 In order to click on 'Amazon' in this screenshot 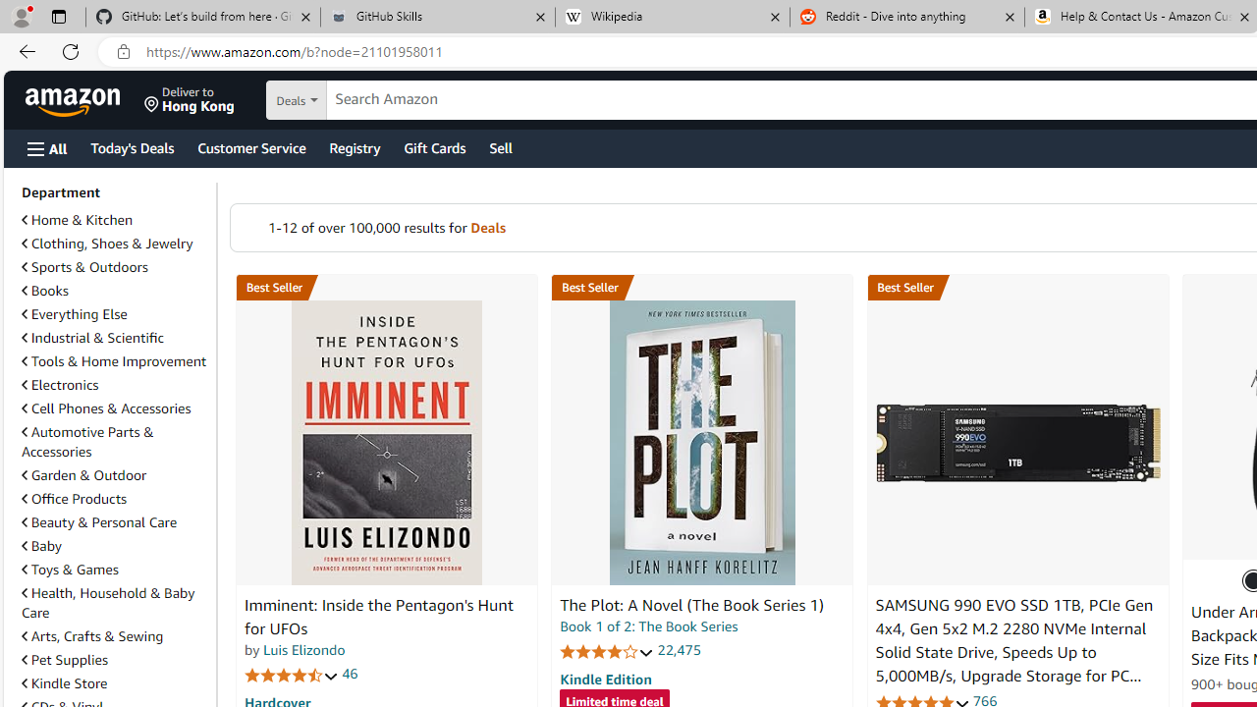, I will do `click(75, 99)`.